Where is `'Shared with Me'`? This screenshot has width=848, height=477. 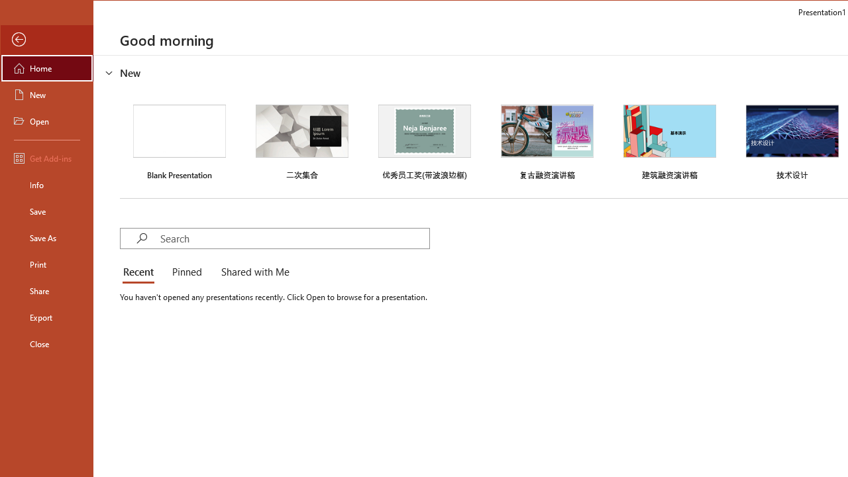
'Shared with Me' is located at coordinates (252, 272).